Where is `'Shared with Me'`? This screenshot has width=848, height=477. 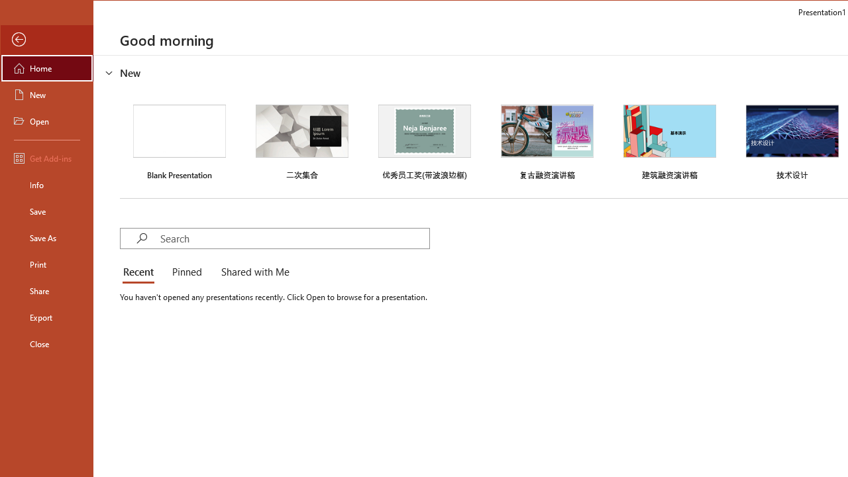
'Shared with Me' is located at coordinates (252, 272).